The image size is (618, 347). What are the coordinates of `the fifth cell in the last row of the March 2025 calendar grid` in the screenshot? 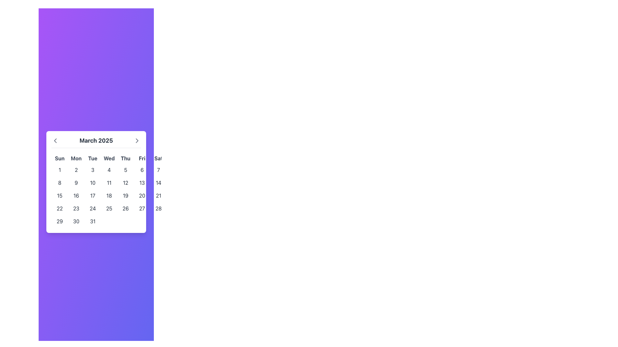 It's located at (126, 221).